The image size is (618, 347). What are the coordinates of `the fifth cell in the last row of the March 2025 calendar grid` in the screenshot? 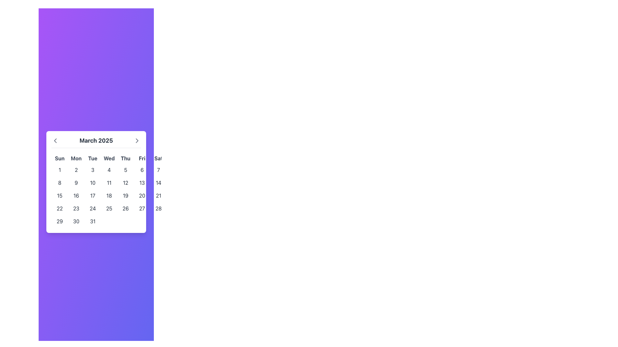 It's located at (126, 221).